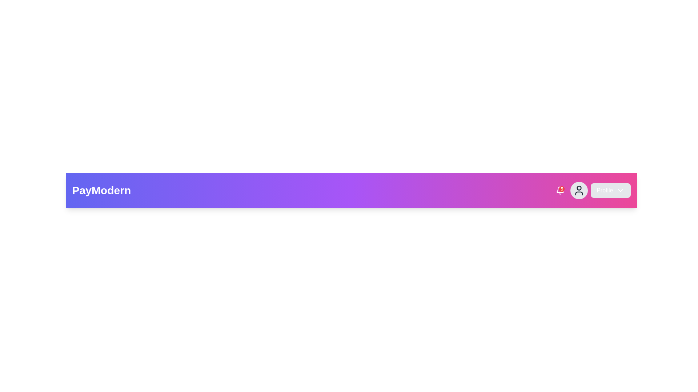 The width and height of the screenshot is (698, 392). What do you see at coordinates (560, 189) in the screenshot?
I see `the Notification icon with a red badge` at bounding box center [560, 189].